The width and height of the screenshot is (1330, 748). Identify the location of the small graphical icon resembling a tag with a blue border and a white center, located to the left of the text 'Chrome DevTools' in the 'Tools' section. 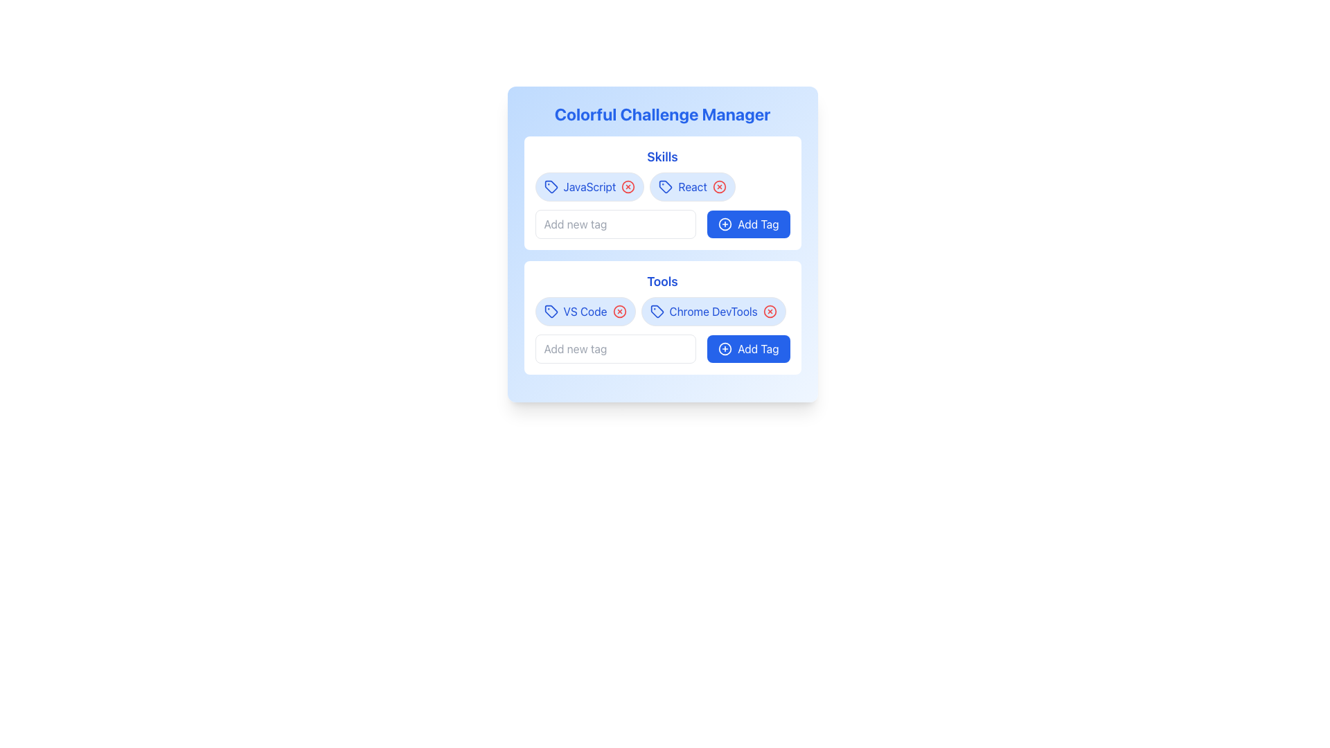
(656, 312).